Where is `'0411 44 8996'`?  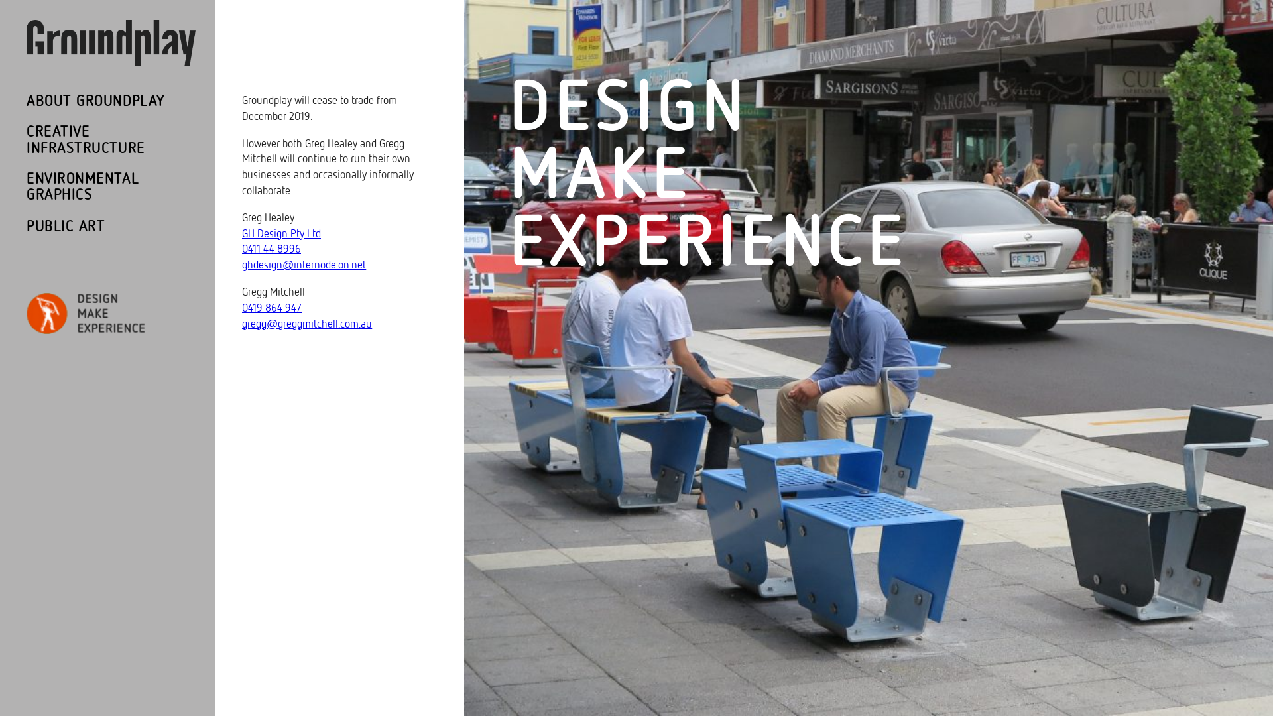
'0411 44 8996' is located at coordinates (271, 249).